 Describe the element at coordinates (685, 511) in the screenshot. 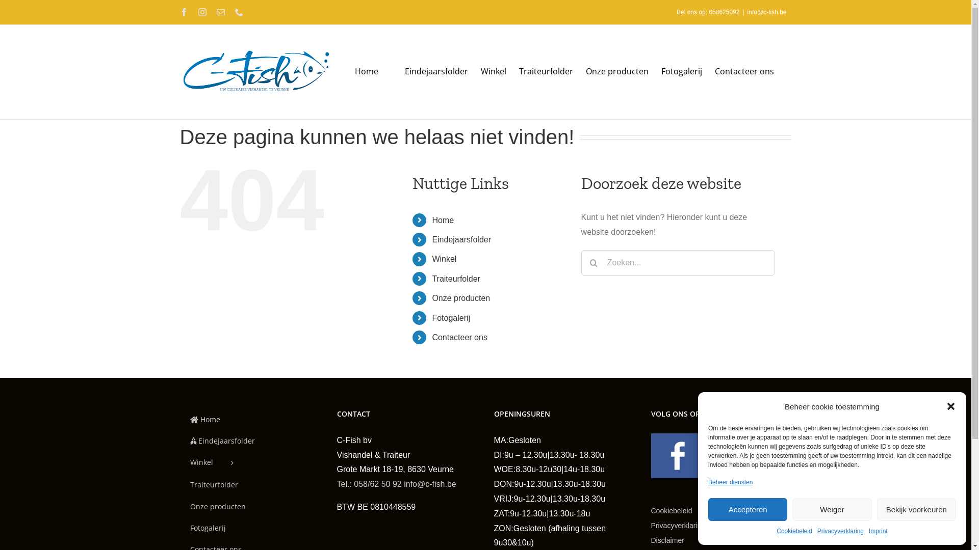

I see `'Cookiebeleid'` at that location.